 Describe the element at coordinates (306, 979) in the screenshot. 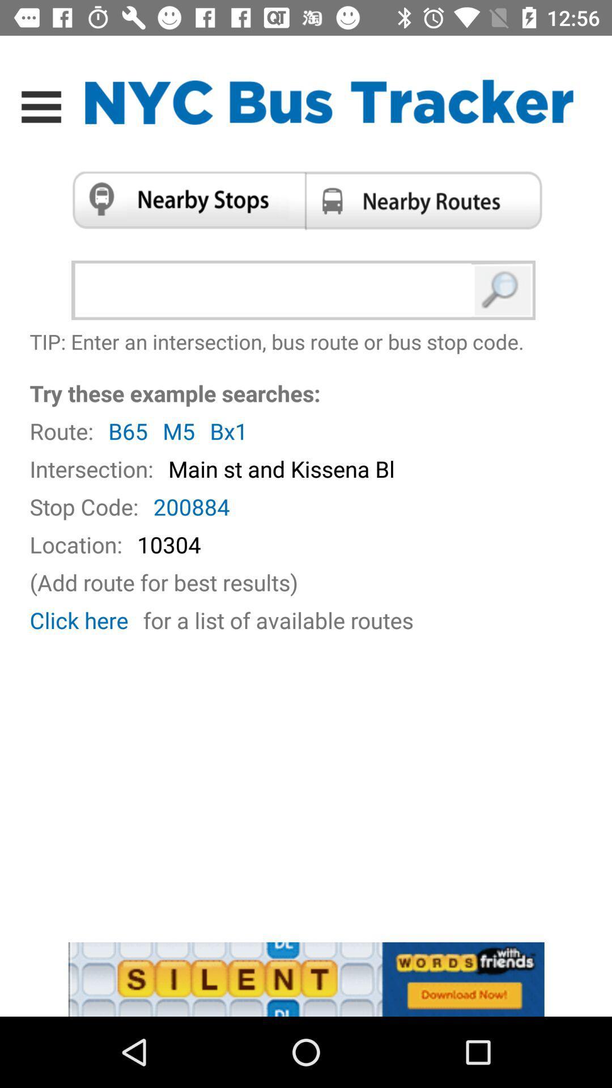

I see `words with friends advertisement` at that location.